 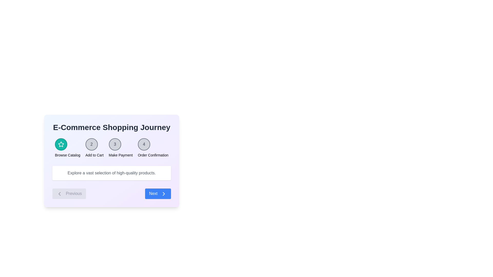 I want to click on the visual indicator icon located at the bottom-right corner of the 'Next' button, which indicates progression in the navigation flow, so click(x=164, y=194).